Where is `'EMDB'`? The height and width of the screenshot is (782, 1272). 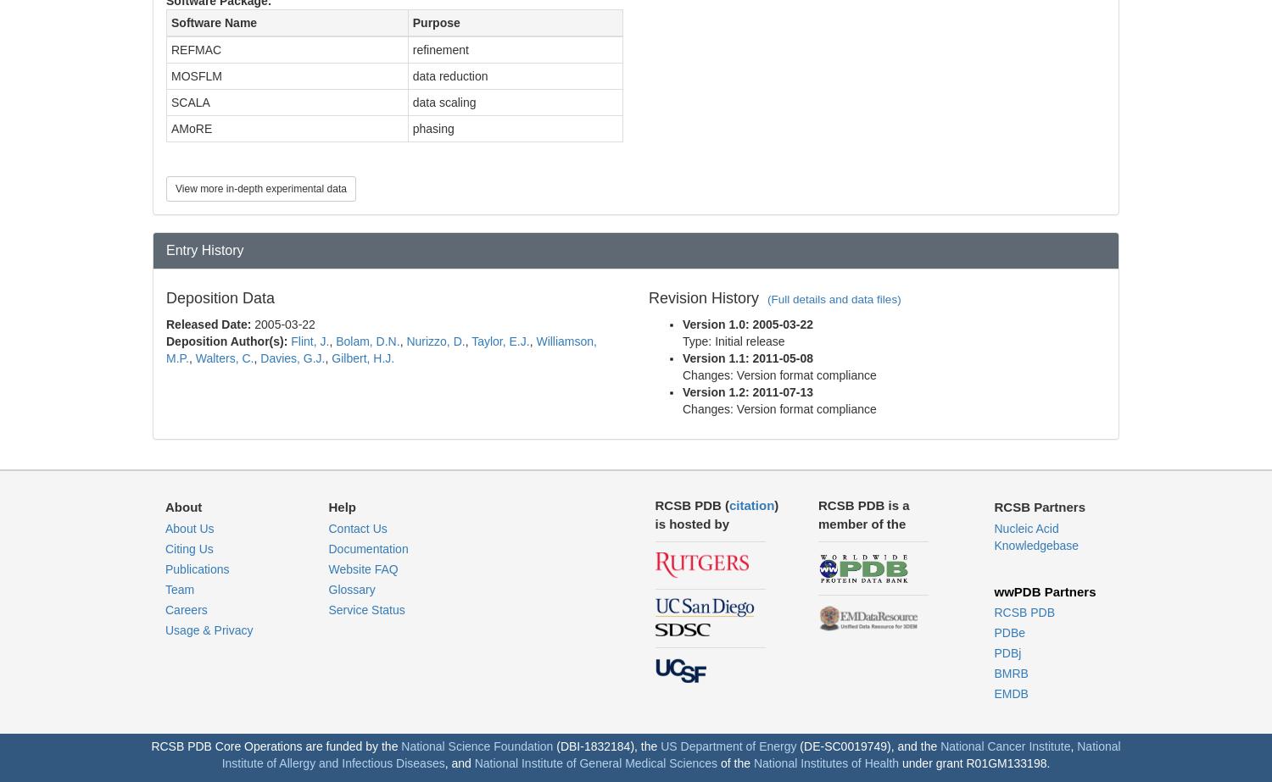 'EMDB' is located at coordinates (1010, 692).